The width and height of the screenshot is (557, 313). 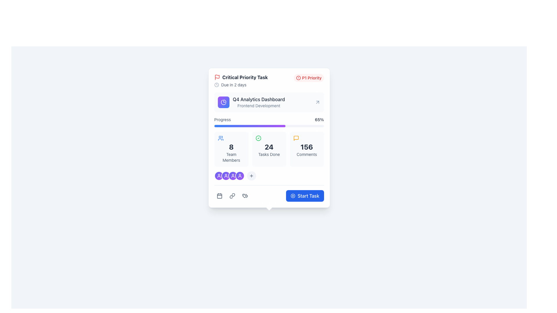 What do you see at coordinates (233, 175) in the screenshot?
I see `the circular user icon with a gradient background transitioning from indigo to purple, located in the lower left section of the card interface` at bounding box center [233, 175].